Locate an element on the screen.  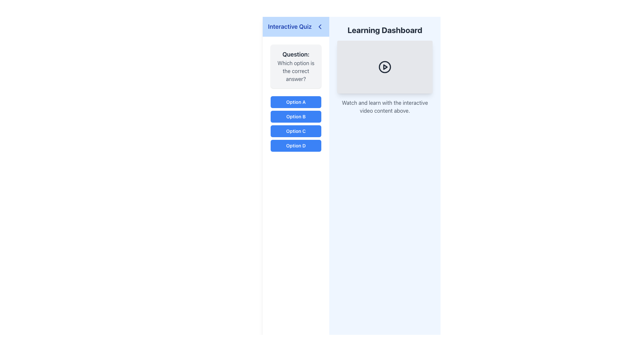
one of the answer options in the quiz interface located beneath the 'Interactive Quiz' header is located at coordinates (295, 98).